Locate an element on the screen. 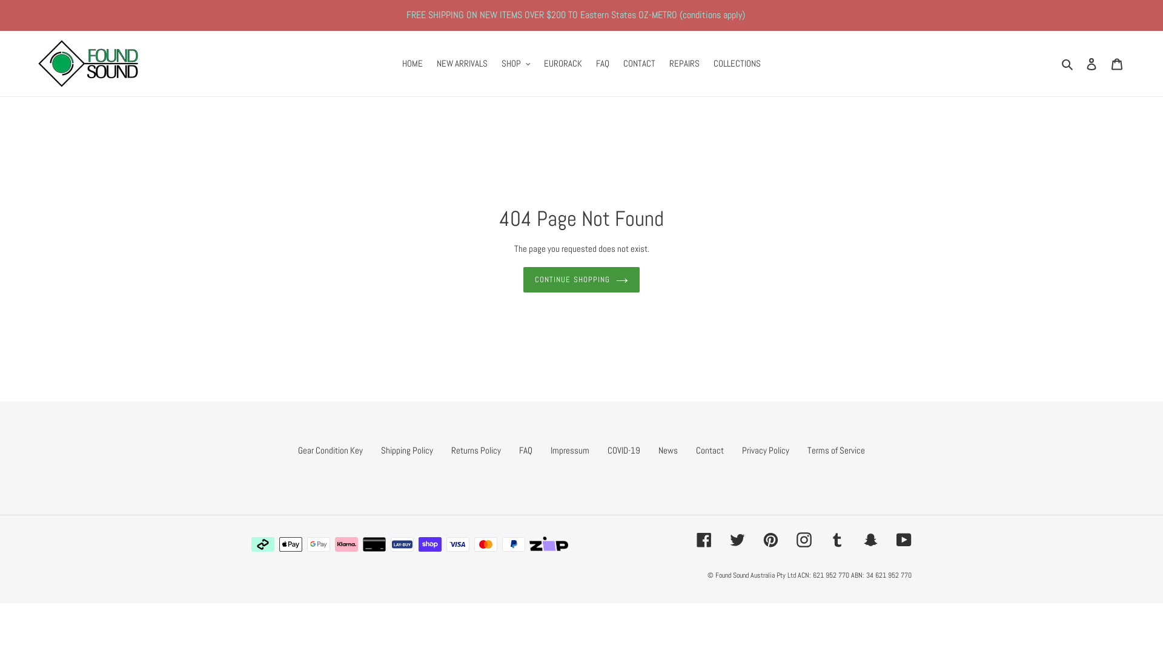 The height and width of the screenshot is (654, 1163). 'Instagram' is located at coordinates (804, 539).